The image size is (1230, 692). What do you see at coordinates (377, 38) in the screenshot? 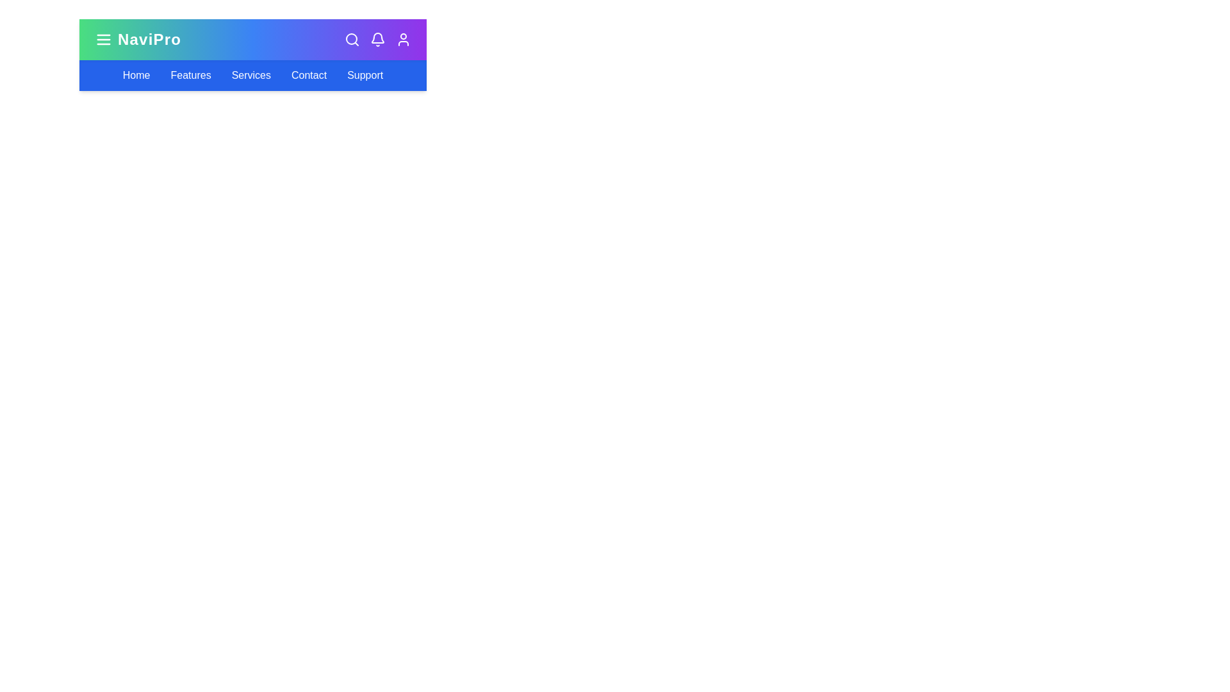
I see `the notification icon to view notifications` at bounding box center [377, 38].